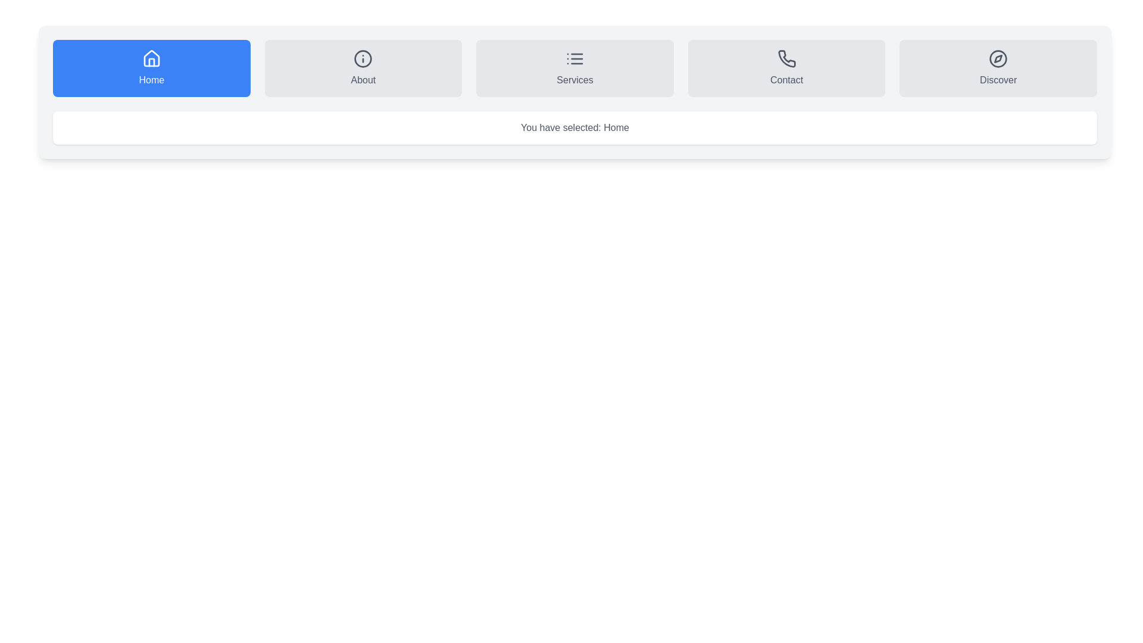 This screenshot has width=1143, height=643. Describe the element at coordinates (786, 80) in the screenshot. I see `the static text label displaying 'Contact', which is positioned beneath a telephone receiver icon within a gray button in the navigation panel` at that location.